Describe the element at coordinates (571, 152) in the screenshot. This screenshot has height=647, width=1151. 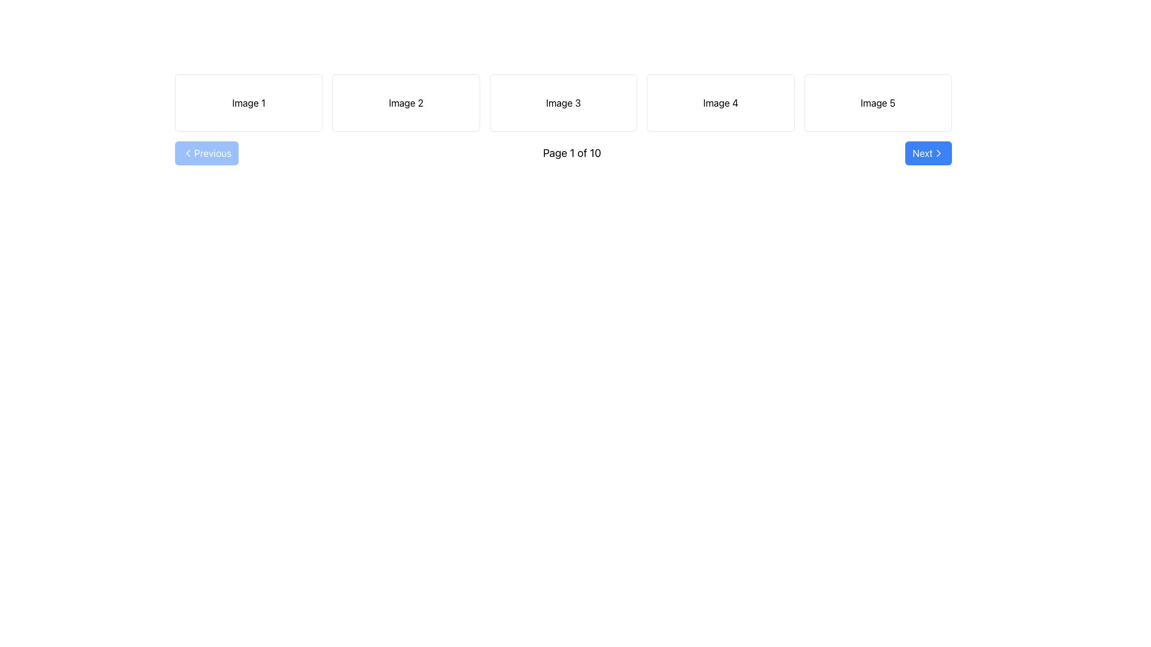
I see `the Text label displaying 'Page 1 of 10' located in the center of the pagination control bar, between the 'Previous' and 'Next' buttons` at that location.